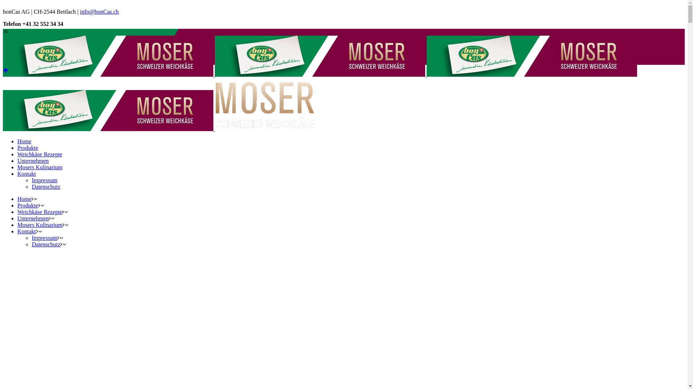 The width and height of the screenshot is (693, 389). What do you see at coordinates (27, 147) in the screenshot?
I see `'Produkte'` at bounding box center [27, 147].